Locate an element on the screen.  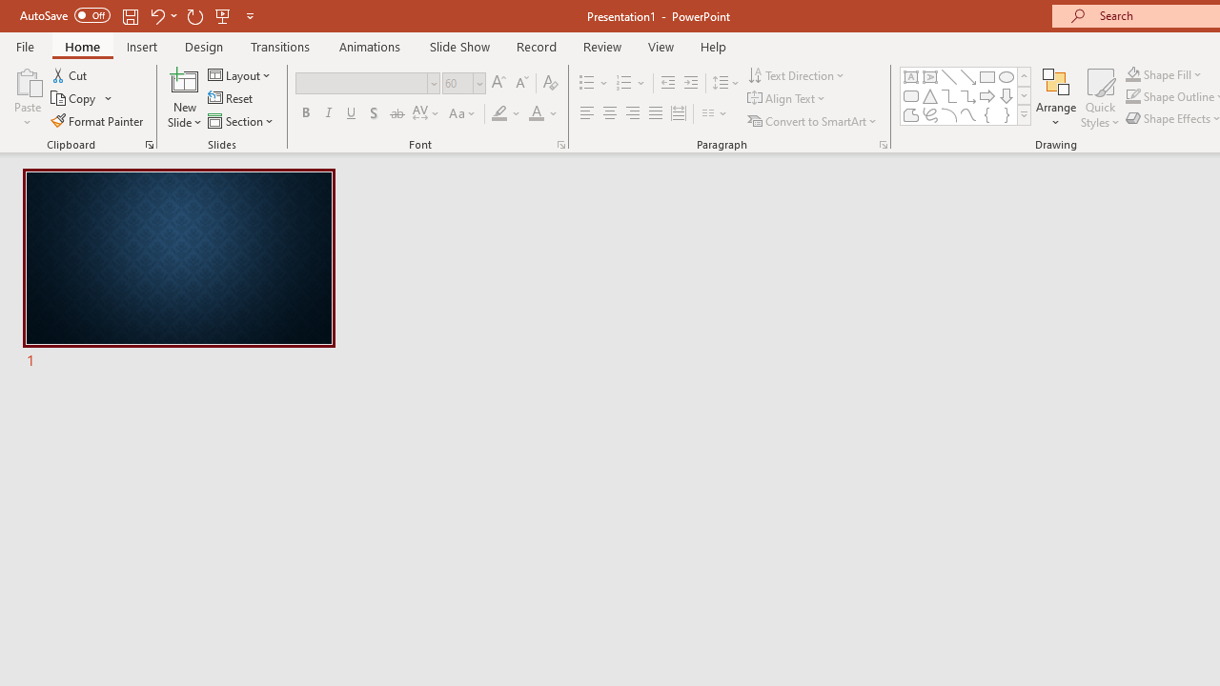
'Underline' is located at coordinates (352, 113).